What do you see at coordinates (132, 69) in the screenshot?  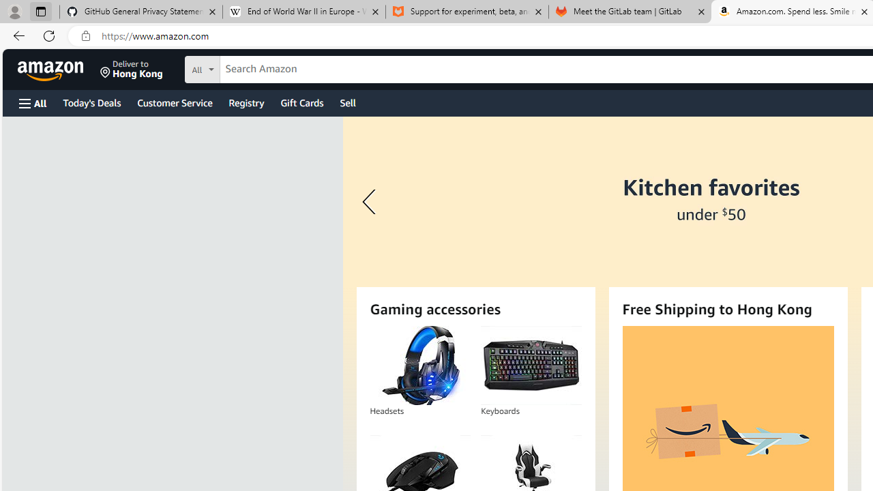 I see `'Deliver to Hong Kong'` at bounding box center [132, 69].